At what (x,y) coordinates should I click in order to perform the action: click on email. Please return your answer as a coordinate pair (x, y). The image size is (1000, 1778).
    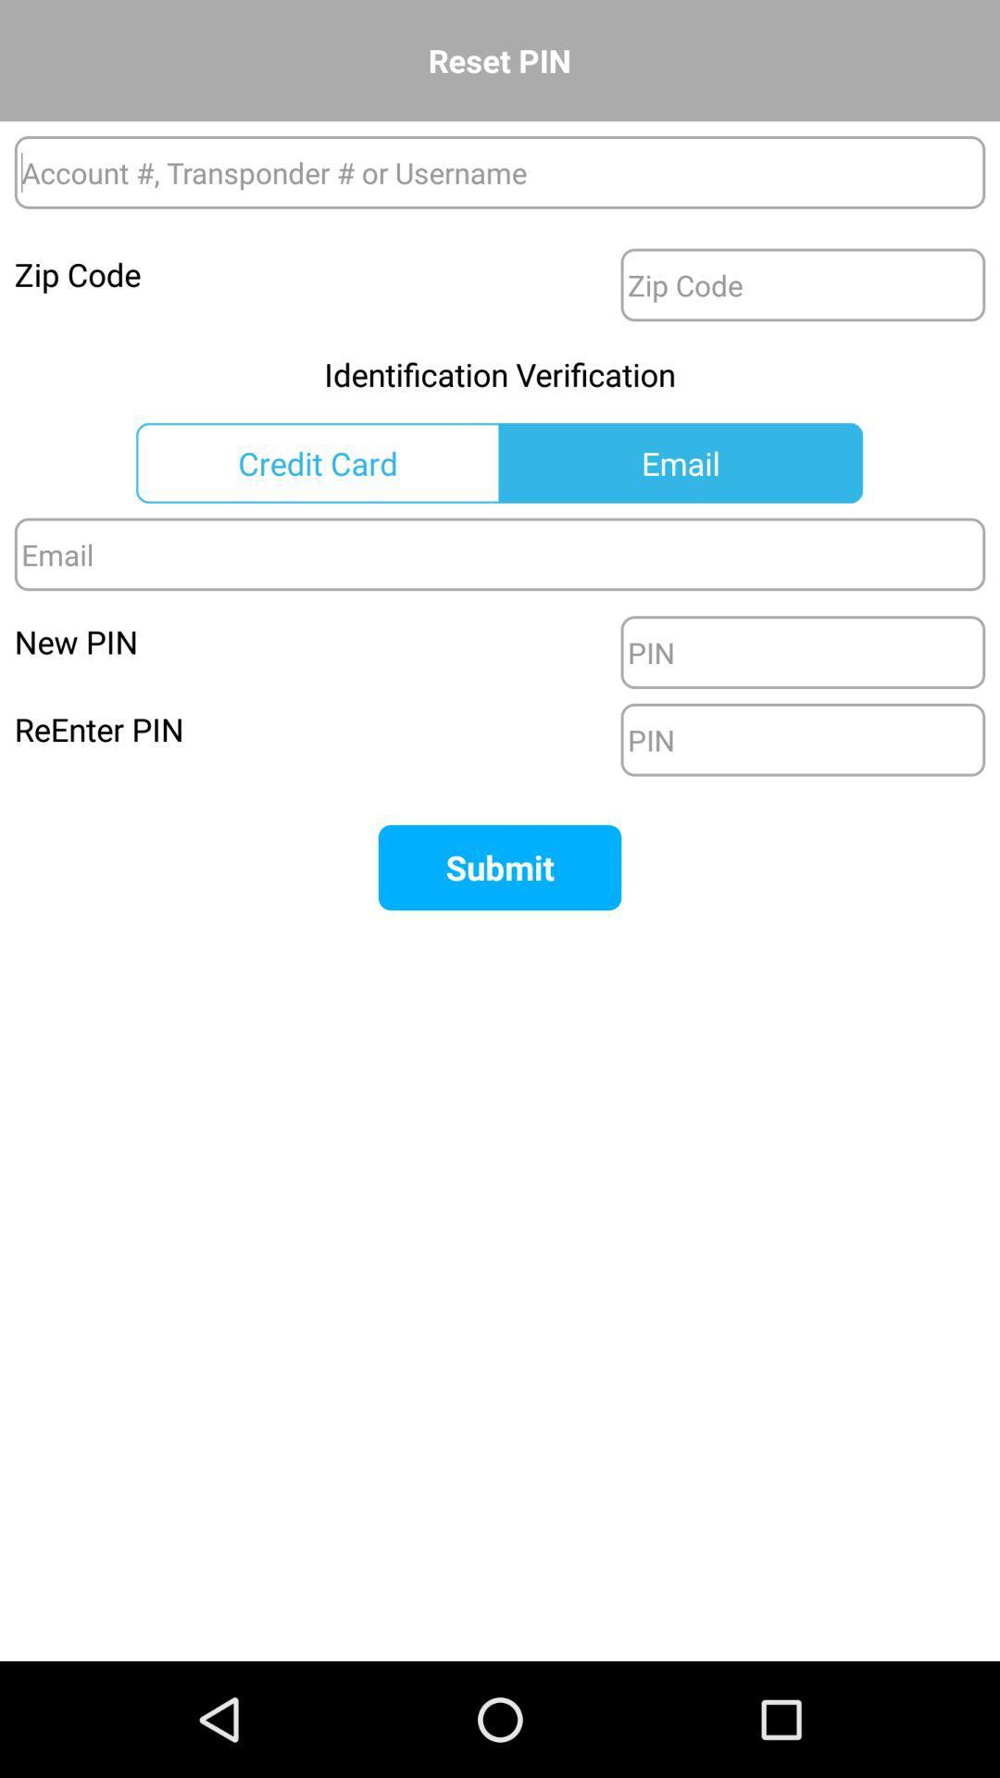
    Looking at the image, I should click on (500, 554).